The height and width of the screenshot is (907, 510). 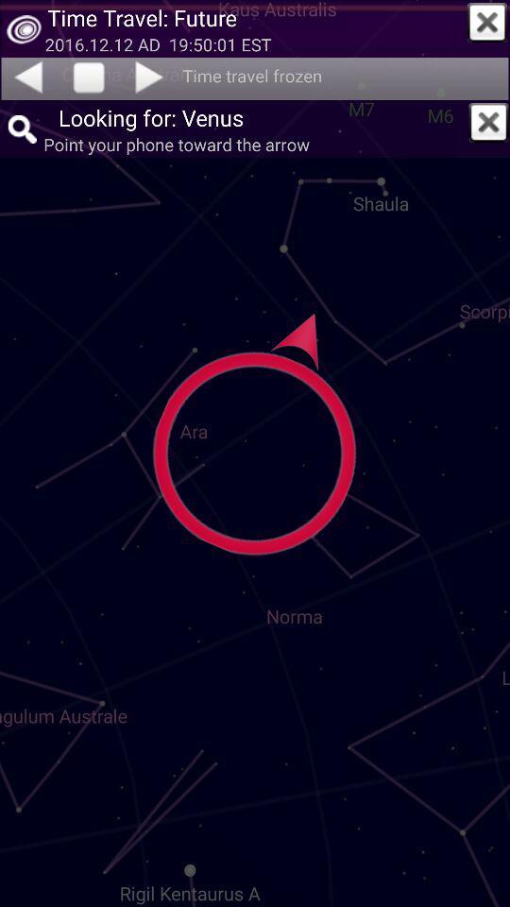 What do you see at coordinates (150, 77) in the screenshot?
I see `next screen` at bounding box center [150, 77].